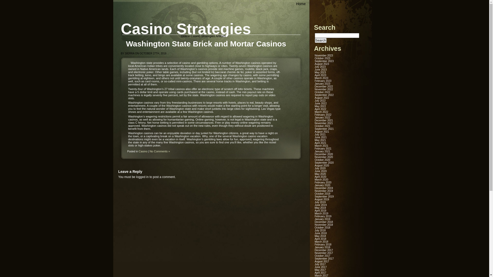 This screenshot has width=493, height=277. I want to click on 'May 2021', so click(320, 140).